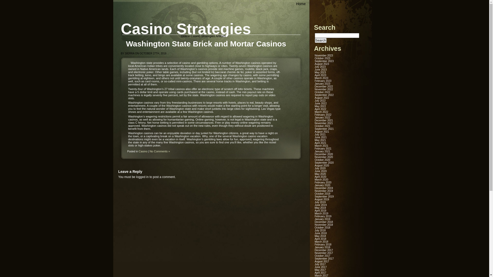 This screenshot has width=493, height=277. I want to click on 'May 2021', so click(320, 140).